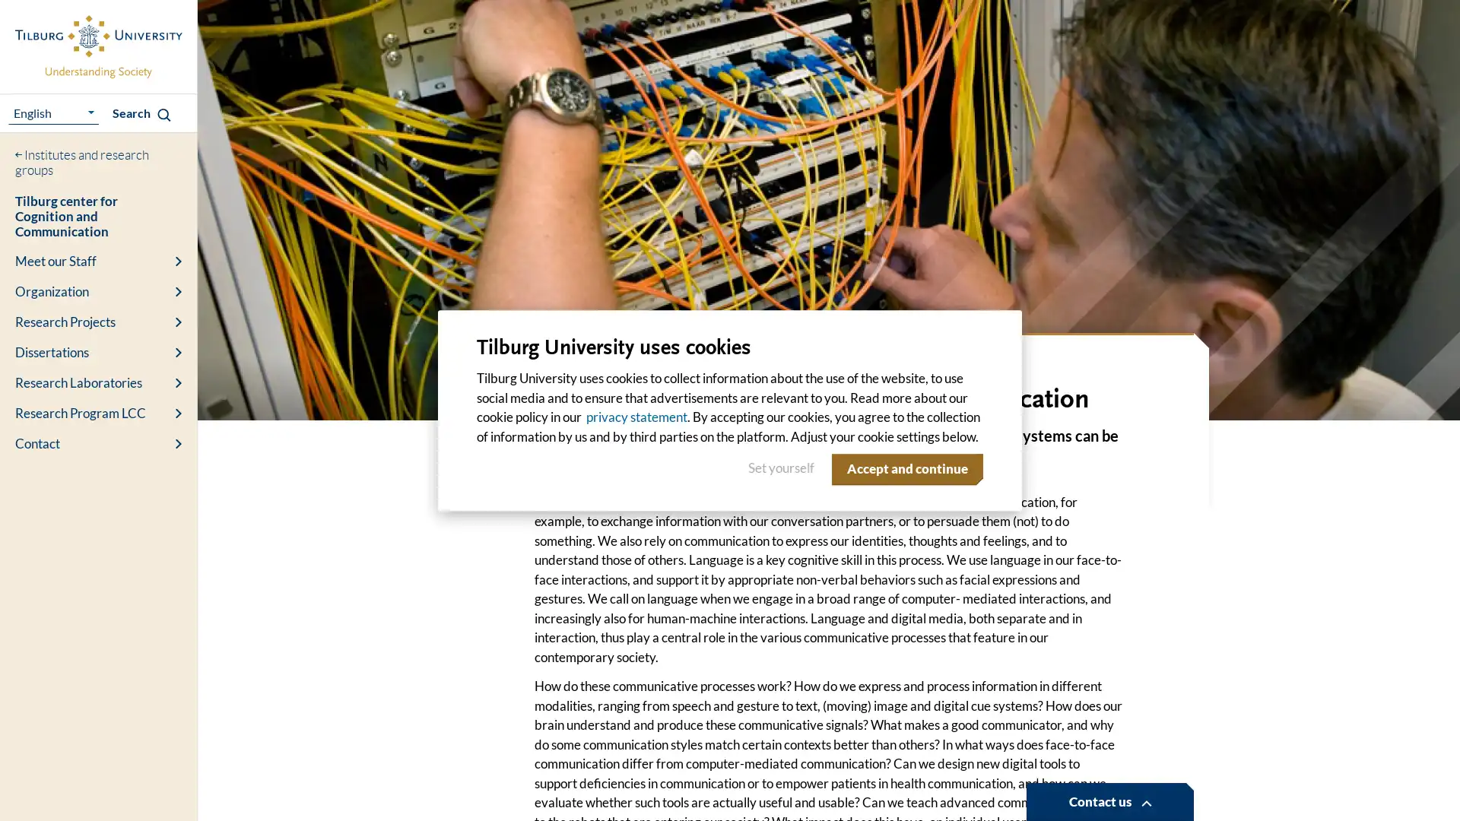 Image resolution: width=1460 pixels, height=821 pixels. I want to click on Accept and continue, so click(904, 468).